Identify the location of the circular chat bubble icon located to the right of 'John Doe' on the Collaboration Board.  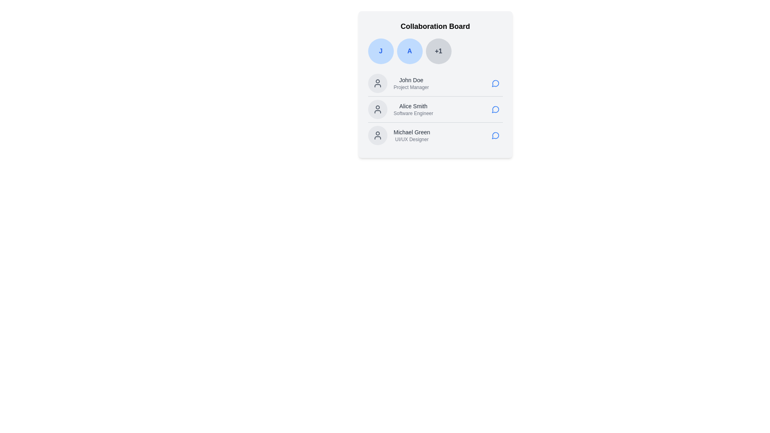
(495, 83).